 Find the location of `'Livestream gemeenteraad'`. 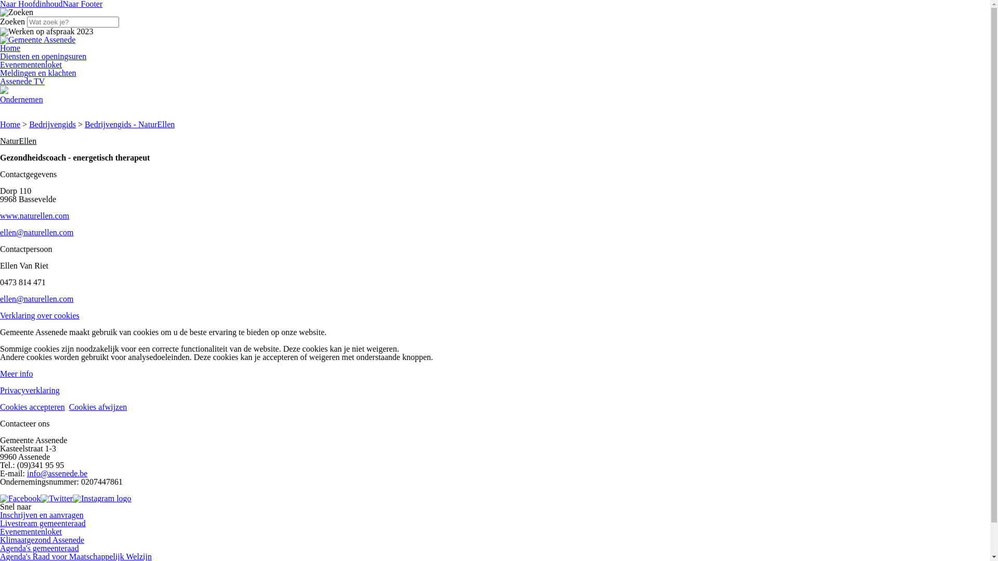

'Livestream gemeenteraad' is located at coordinates (42, 523).